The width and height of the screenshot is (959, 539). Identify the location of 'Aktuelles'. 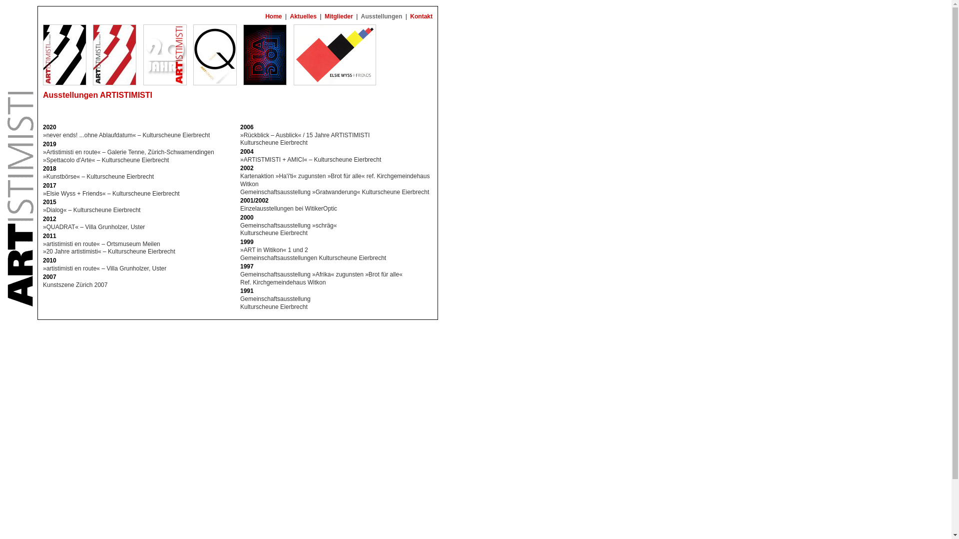
(303, 16).